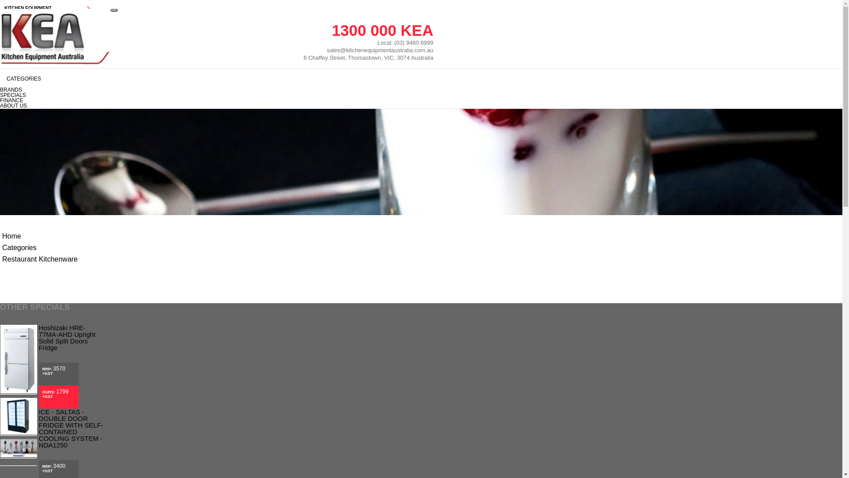  Describe the element at coordinates (48, 197) in the screenshot. I see `'RESTAURANT AND CAFE FURNITURE'` at that location.